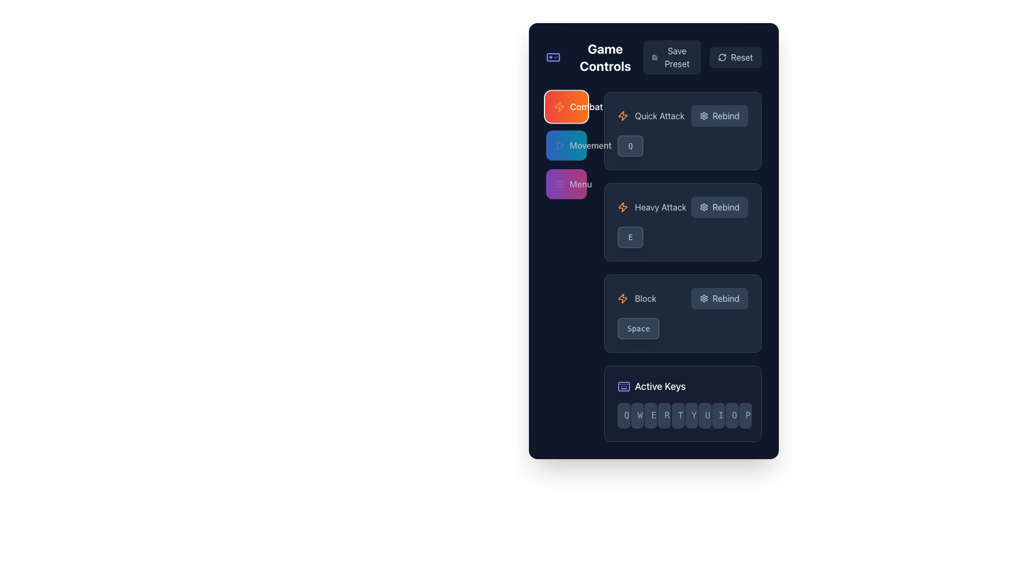  Describe the element at coordinates (580, 184) in the screenshot. I see `the 'Menu' text label, which is styled with a white font on a purple background, positioned below 'Movement' and above 'Combat' in the vertical options list` at that location.